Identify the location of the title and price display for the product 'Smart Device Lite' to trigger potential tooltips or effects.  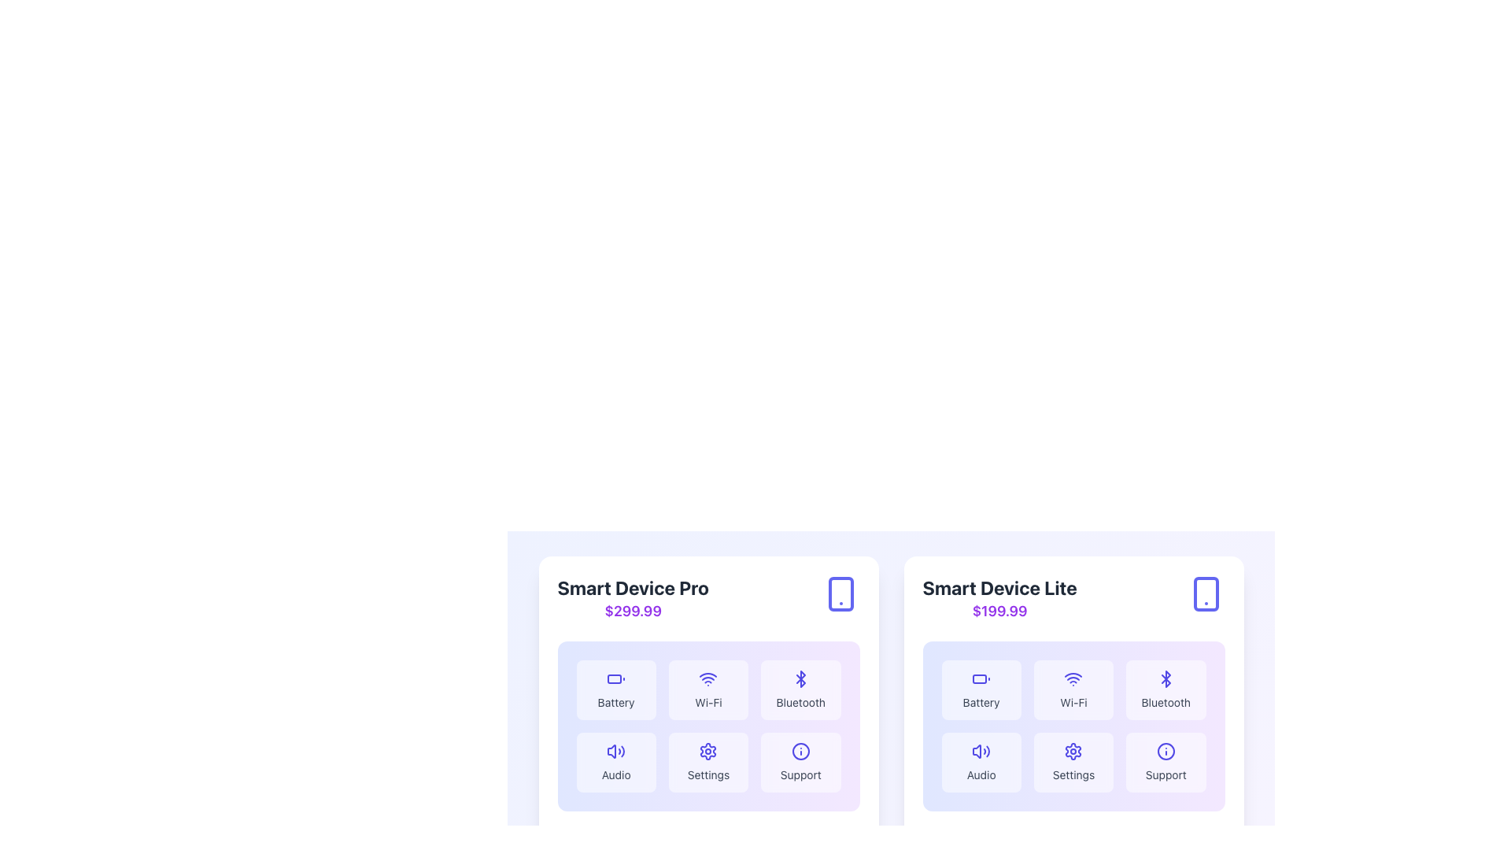
(999, 598).